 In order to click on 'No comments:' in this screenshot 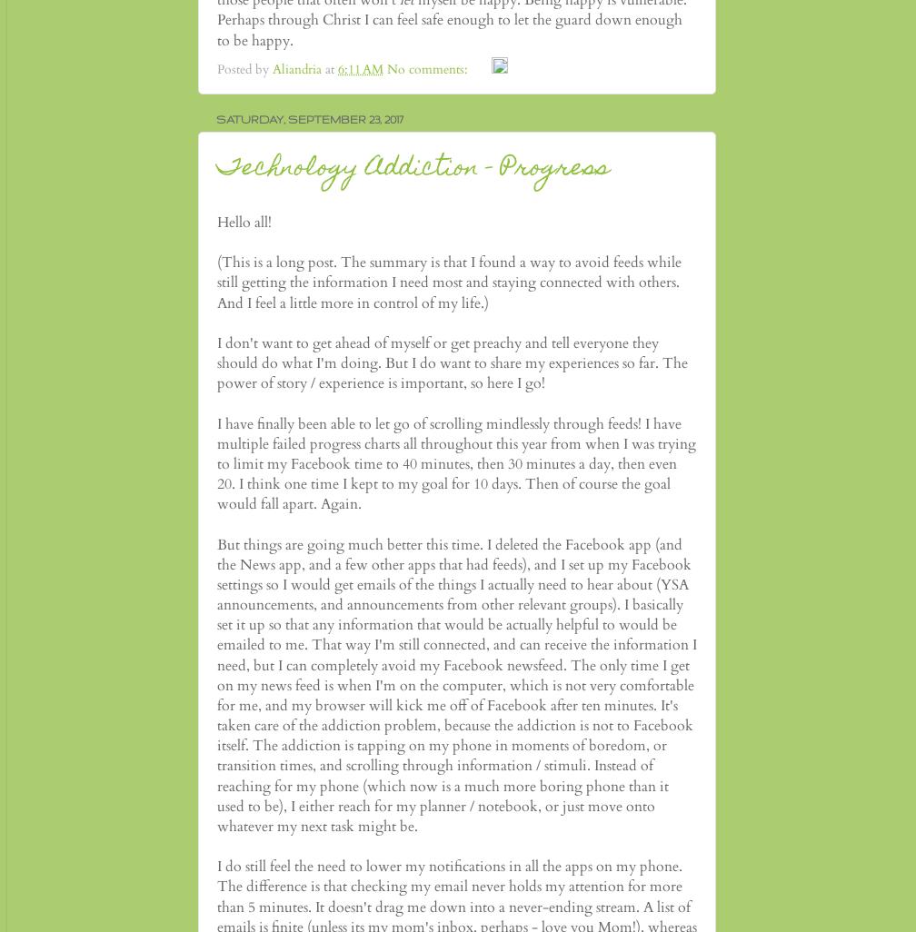, I will do `click(429, 67)`.